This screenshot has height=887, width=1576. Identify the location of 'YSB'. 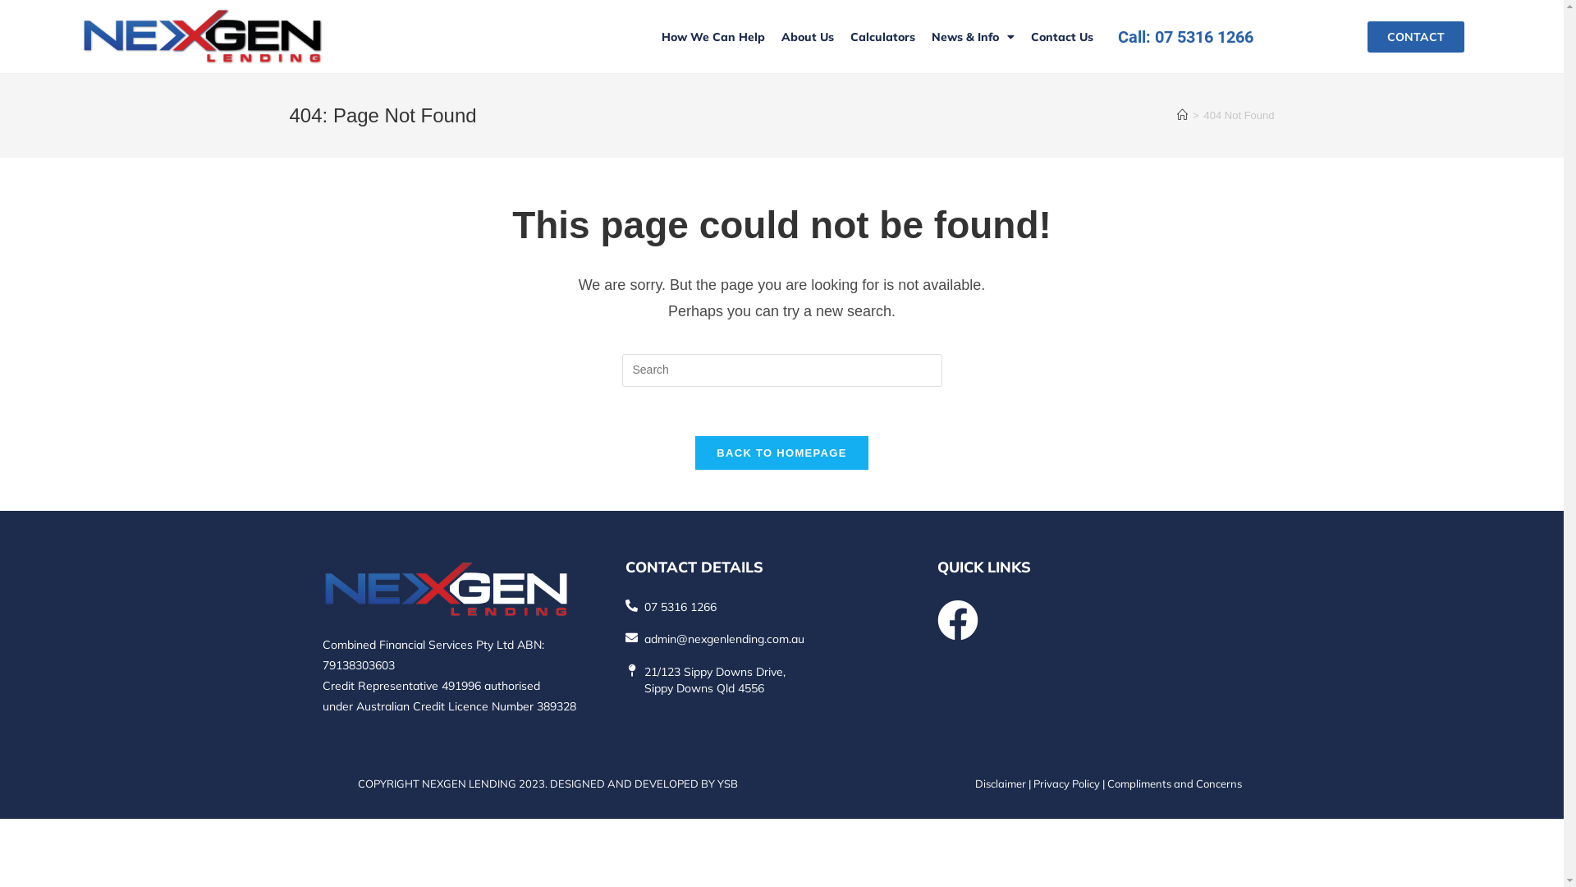
(726, 782).